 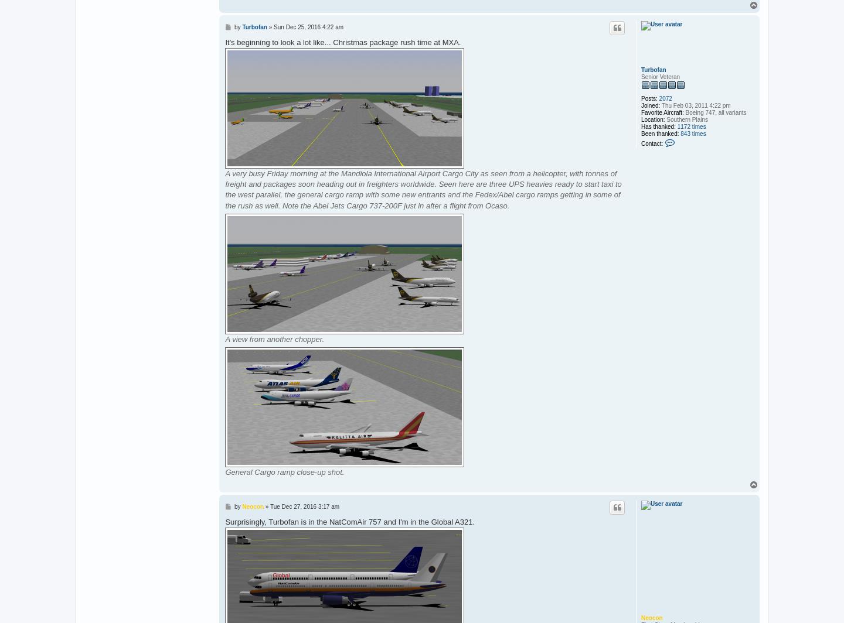 I want to click on 'Contact:', so click(x=651, y=143).